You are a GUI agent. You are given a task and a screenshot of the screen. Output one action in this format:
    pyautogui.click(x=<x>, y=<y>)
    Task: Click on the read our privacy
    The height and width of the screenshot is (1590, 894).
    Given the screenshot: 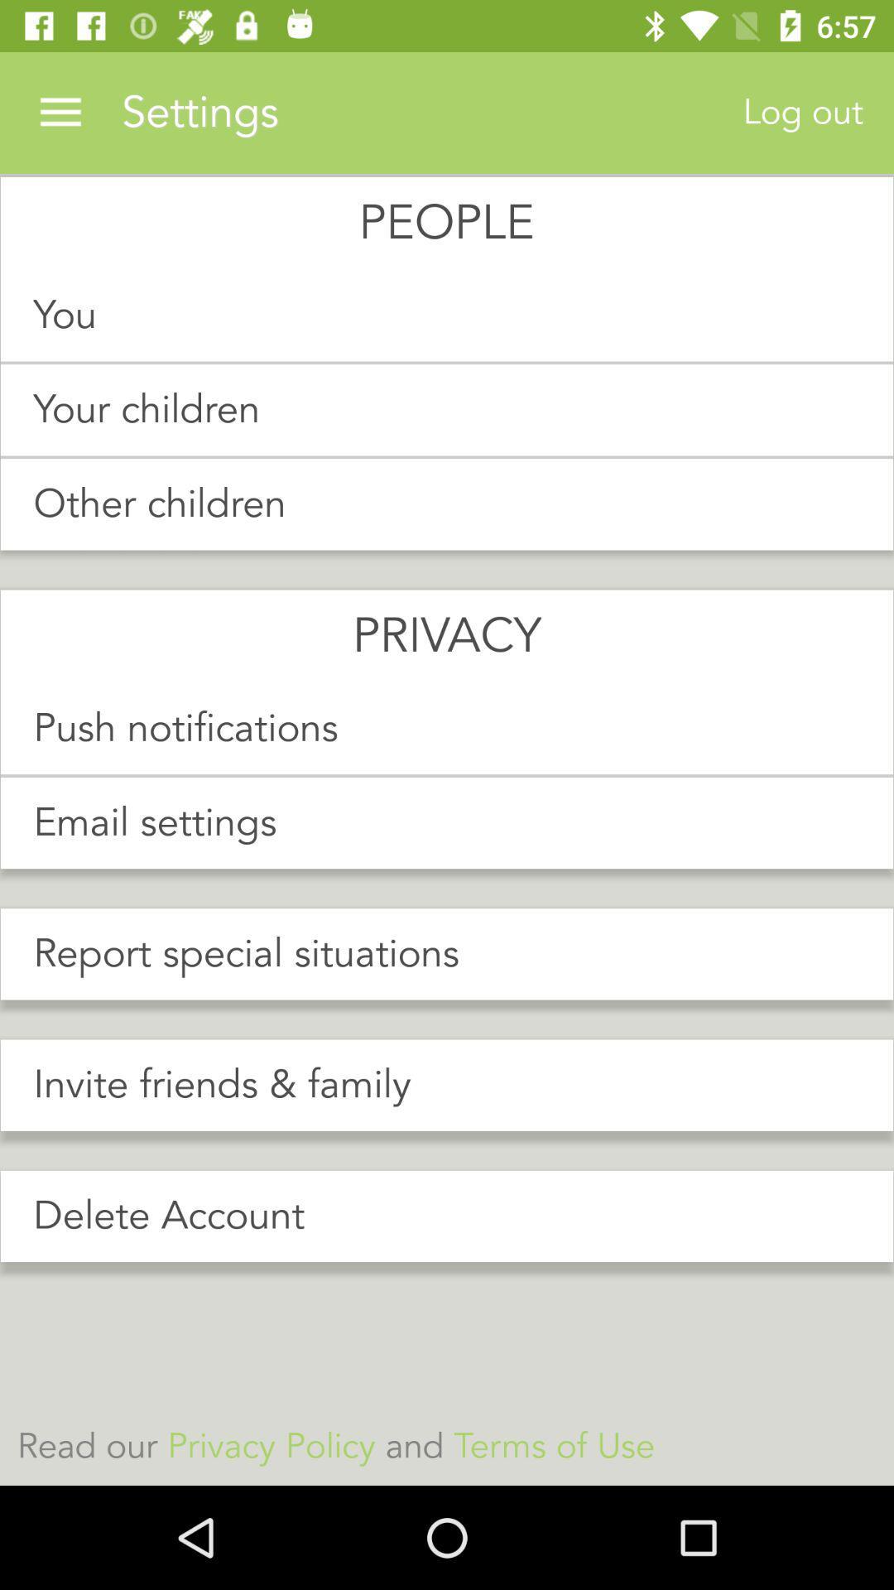 What is the action you would take?
    pyautogui.click(x=447, y=1446)
    